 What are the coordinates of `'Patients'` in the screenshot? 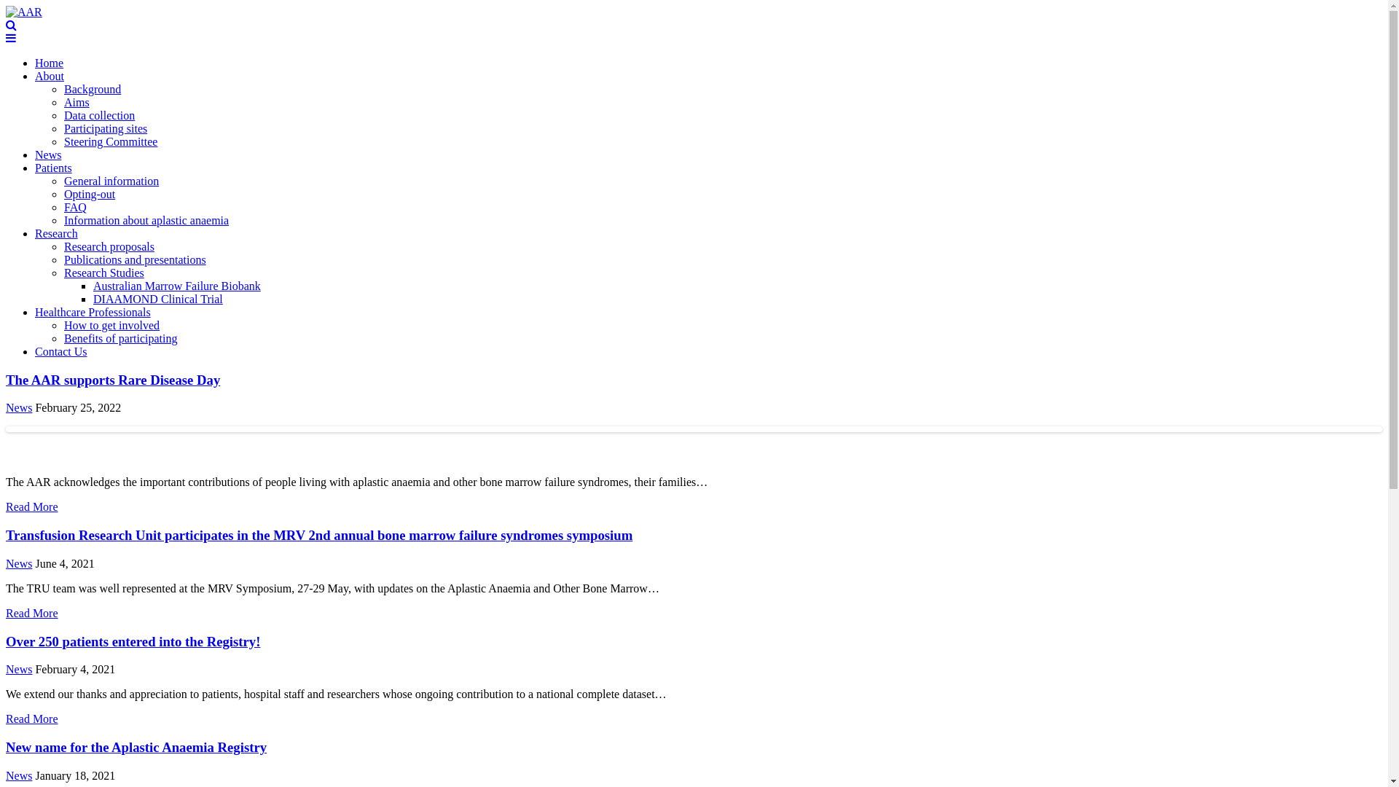 It's located at (53, 167).